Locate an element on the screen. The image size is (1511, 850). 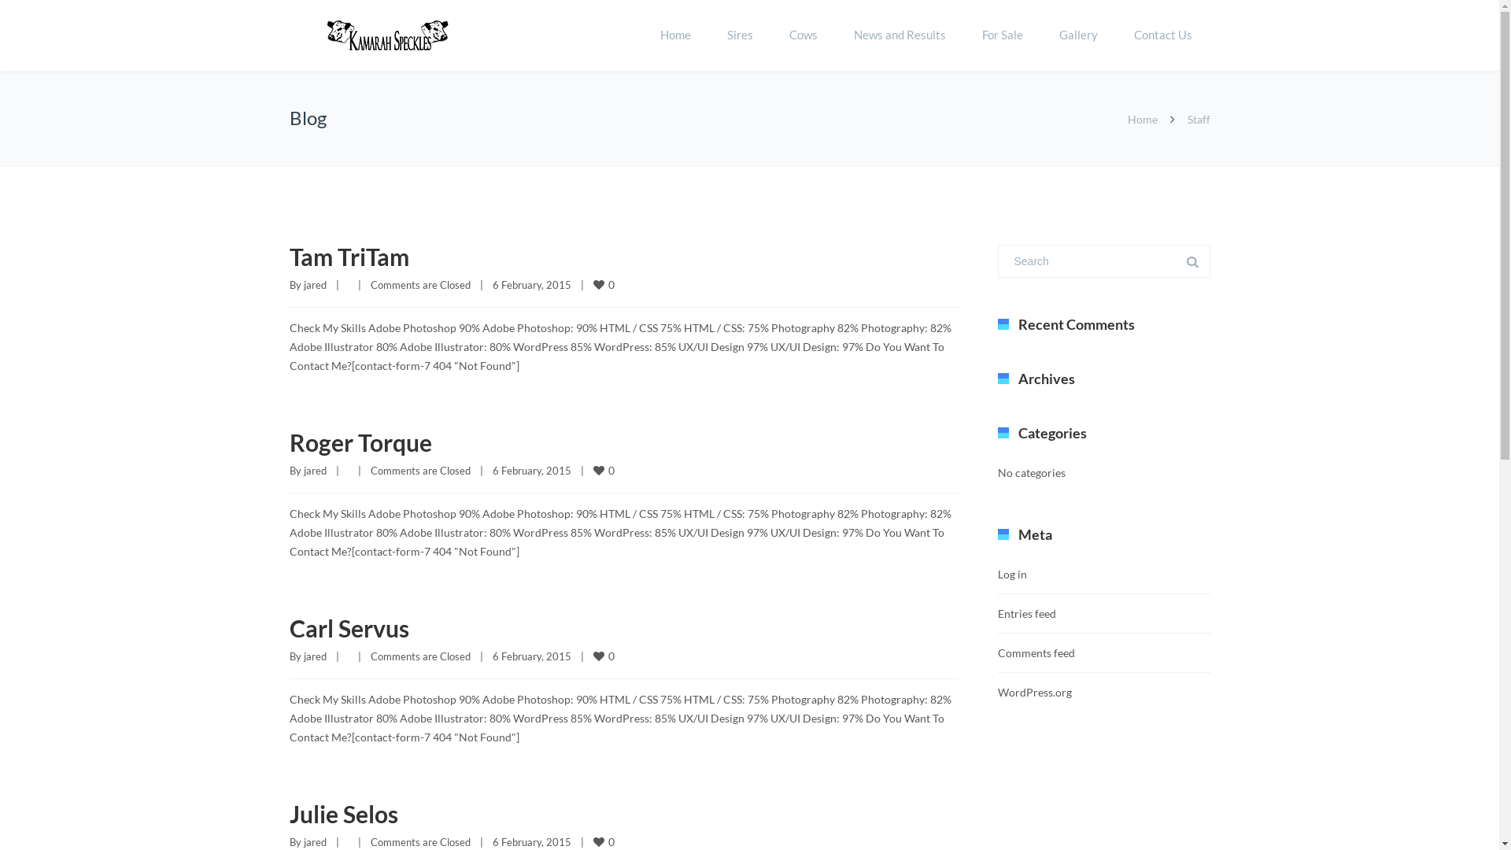
'For Sale' is located at coordinates (1000, 35).